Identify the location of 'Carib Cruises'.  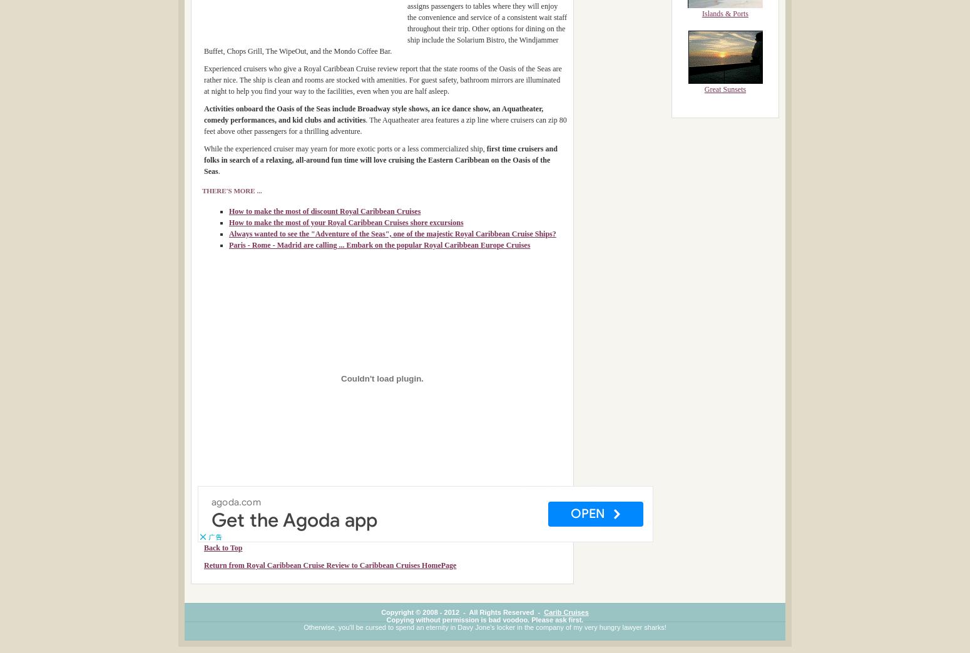
(566, 611).